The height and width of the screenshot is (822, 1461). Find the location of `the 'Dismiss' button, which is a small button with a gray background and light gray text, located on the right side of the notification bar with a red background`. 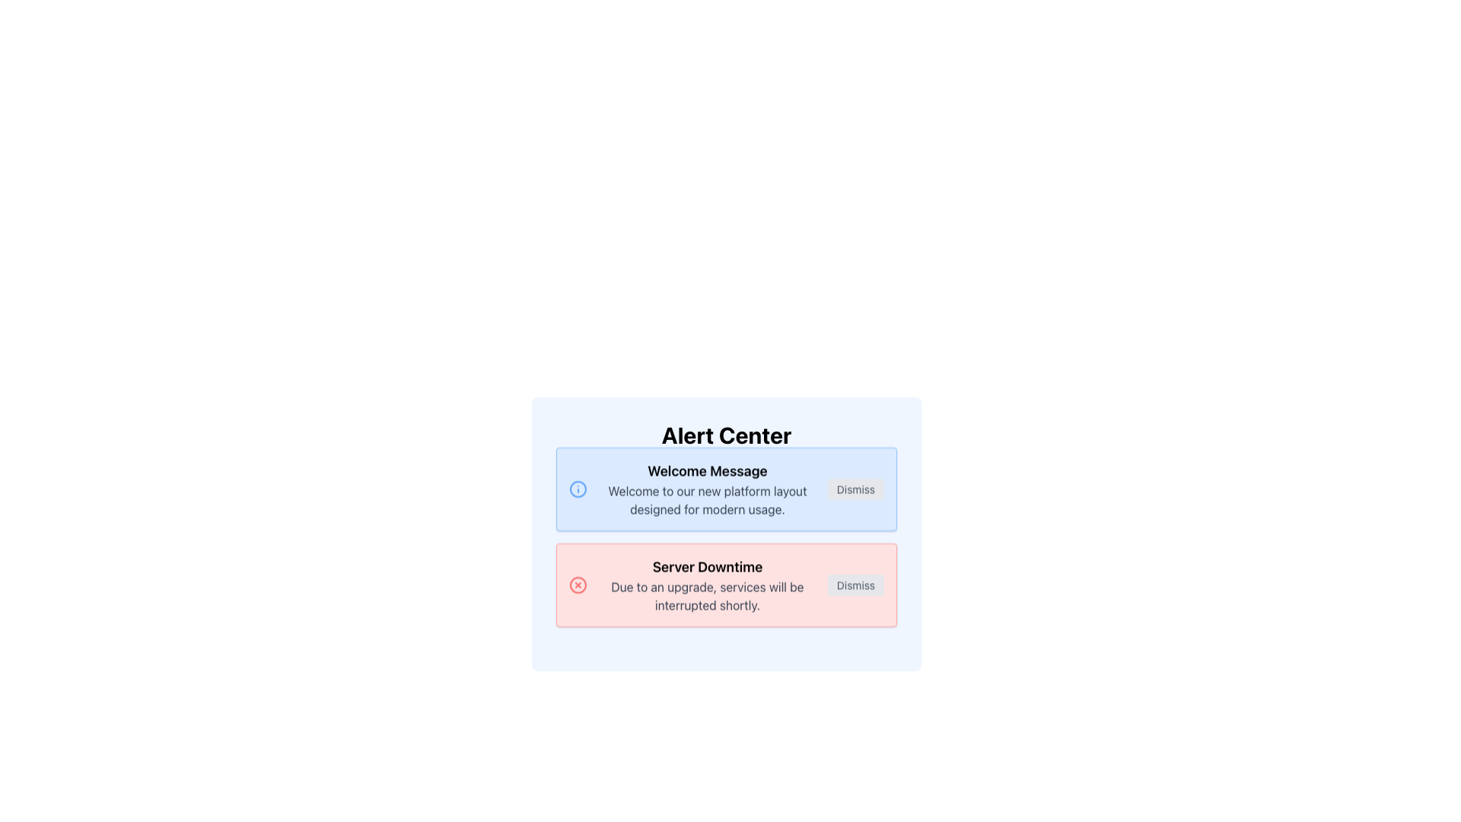

the 'Dismiss' button, which is a small button with a gray background and light gray text, located on the right side of the notification bar with a red background is located at coordinates (855, 597).